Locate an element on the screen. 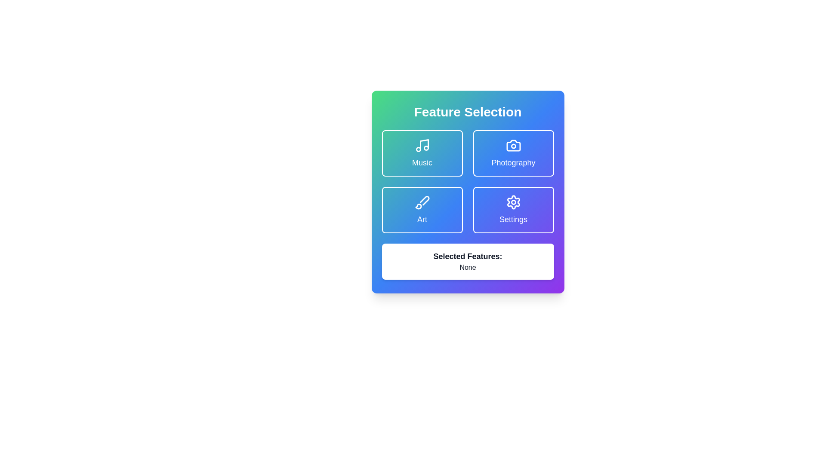 The height and width of the screenshot is (464, 826). the 'Photography' card in the grid is located at coordinates (513, 153).